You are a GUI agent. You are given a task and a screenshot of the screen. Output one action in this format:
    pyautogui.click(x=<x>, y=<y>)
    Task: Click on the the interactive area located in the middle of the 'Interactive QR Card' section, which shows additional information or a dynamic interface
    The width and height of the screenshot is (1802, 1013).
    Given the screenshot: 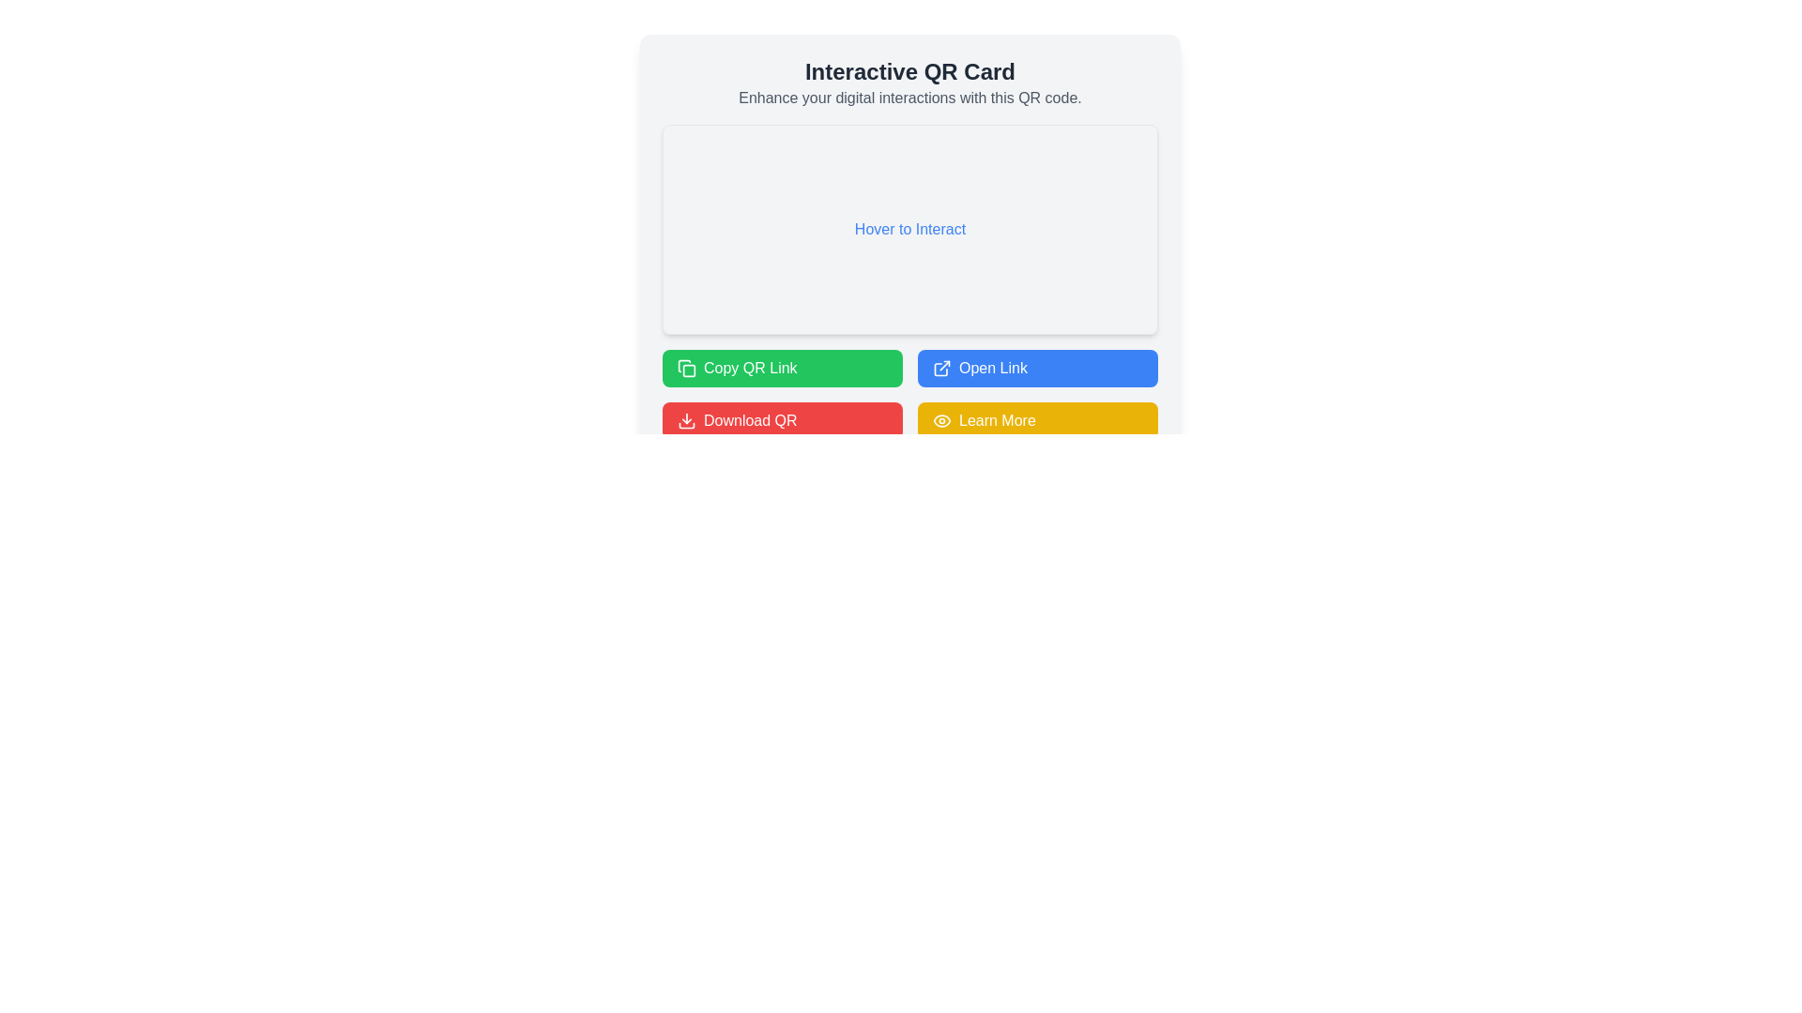 What is the action you would take?
    pyautogui.click(x=909, y=229)
    